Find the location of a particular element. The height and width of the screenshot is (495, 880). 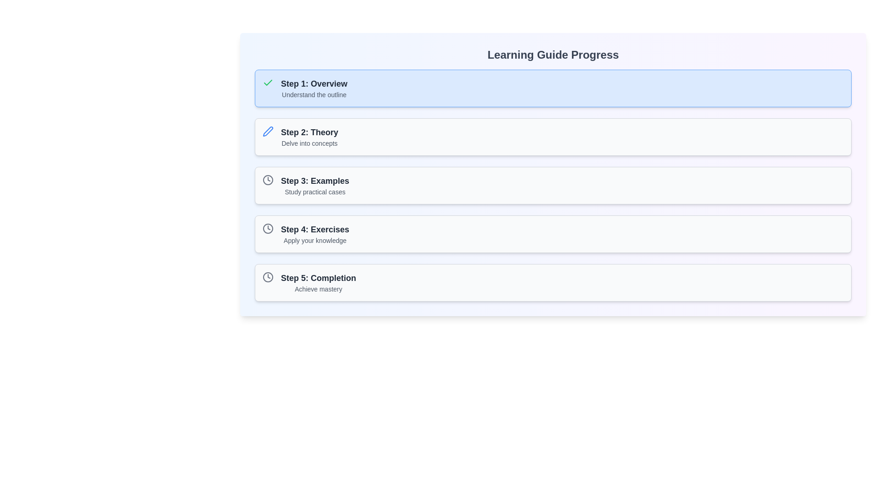

the visual representation of the completion icon located to the left of 'Step 1: Overview' under the 'Learning Guide Progress' section, which indicates the active status of the step is located at coordinates (268, 83).